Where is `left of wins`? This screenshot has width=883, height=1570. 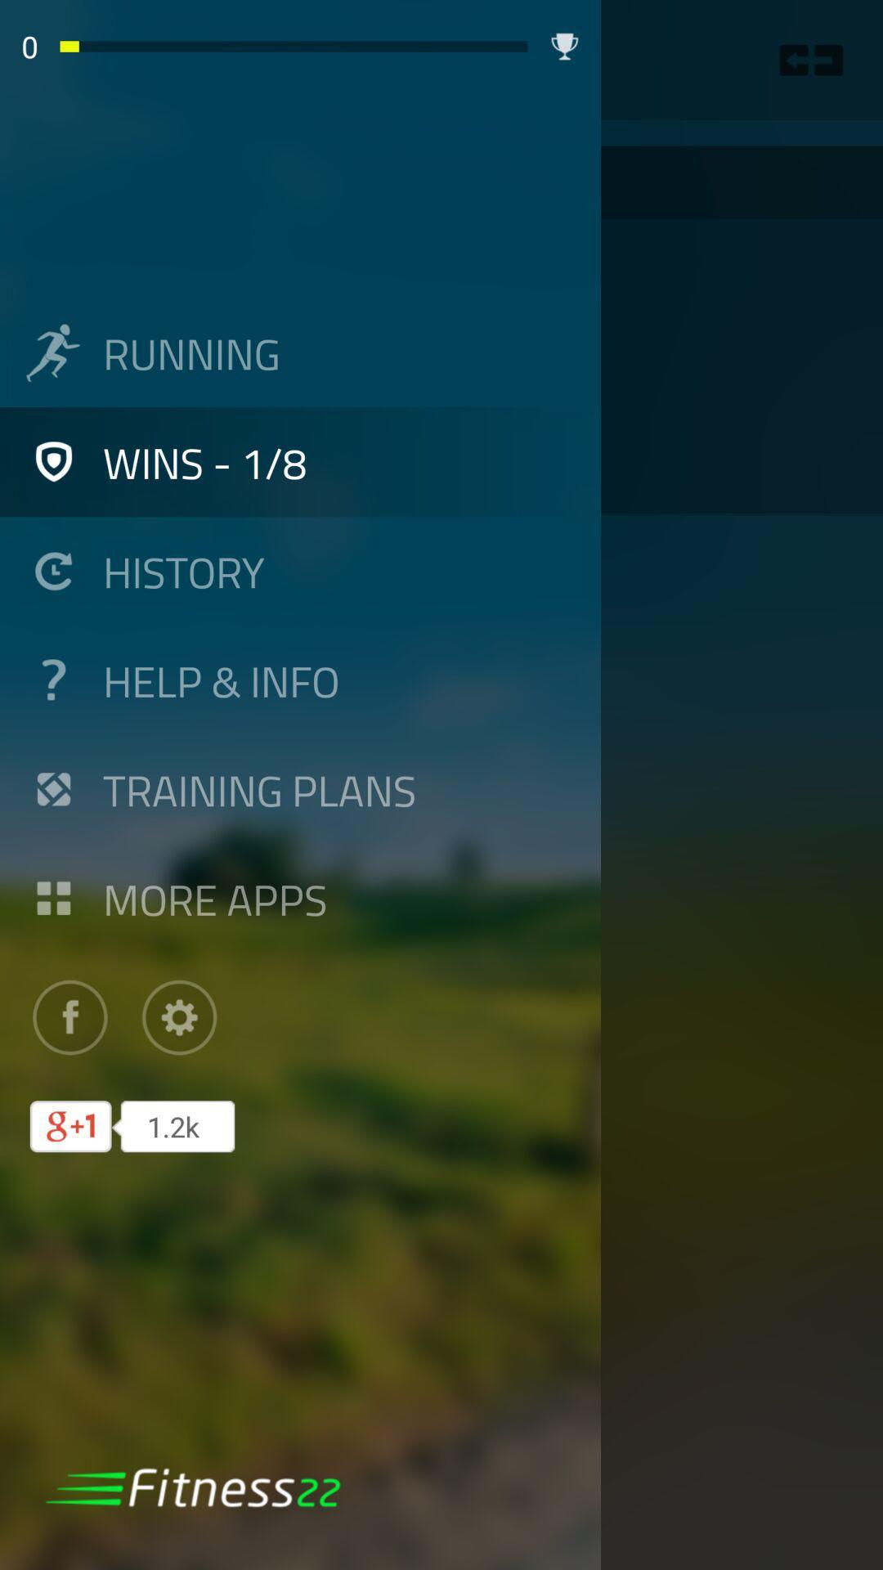 left of wins is located at coordinates (52, 461).